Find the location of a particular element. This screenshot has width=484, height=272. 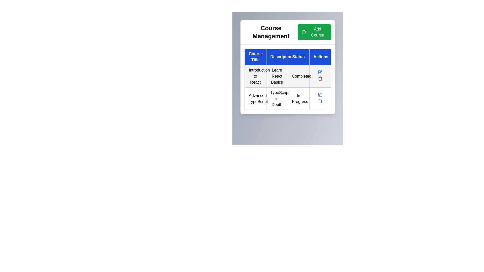

the text displayed in the 'Description' column for the course 'Learn React Basics', located in the second cell of the corresponding row is located at coordinates (277, 76).